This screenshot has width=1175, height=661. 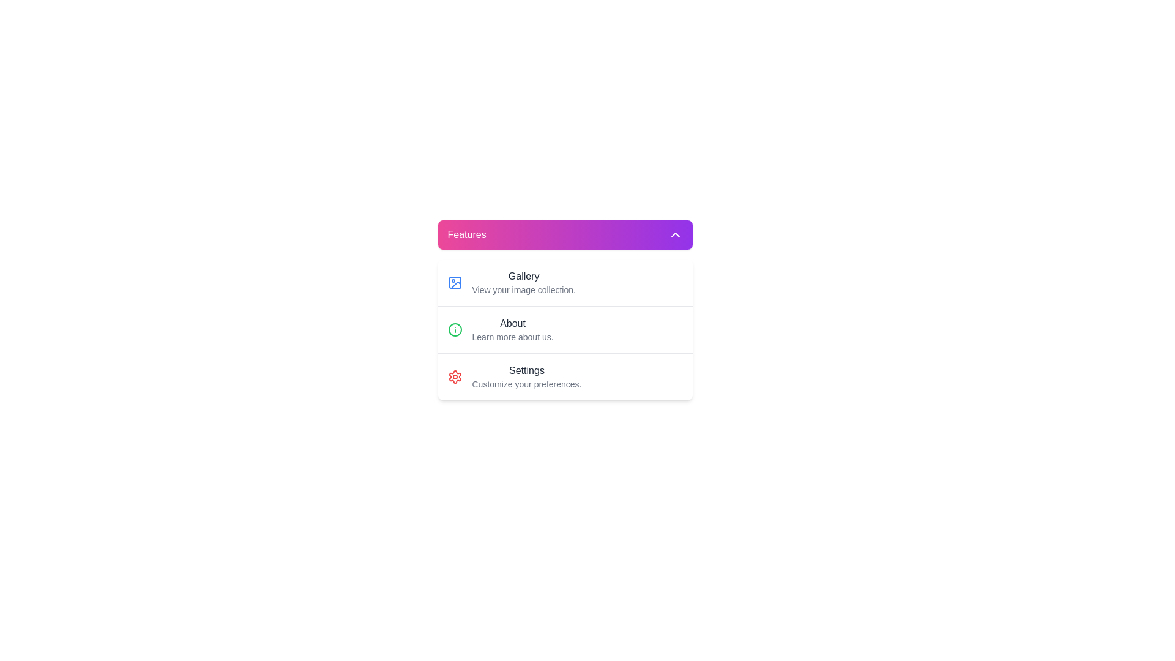 I want to click on the text label displaying 'Learn more about us.' which is located below the 'About' text in the 'Features' section, so click(x=513, y=337).